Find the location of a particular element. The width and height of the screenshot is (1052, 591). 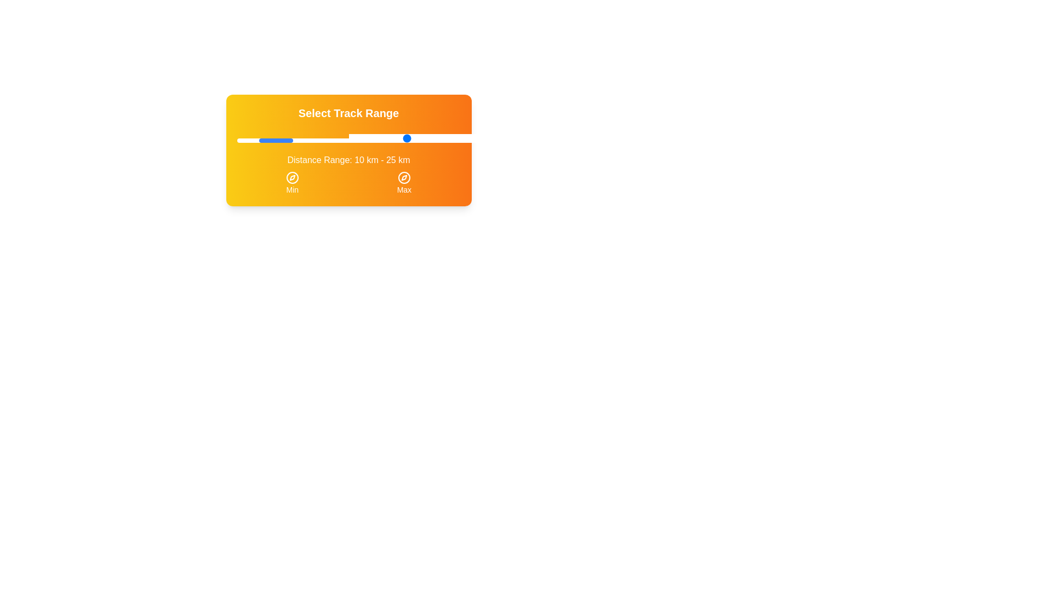

the blue progress bar segment that occupies 10% to 25% of the length within the orange gradient box labeled 'Select Track Range' is located at coordinates (276, 140).